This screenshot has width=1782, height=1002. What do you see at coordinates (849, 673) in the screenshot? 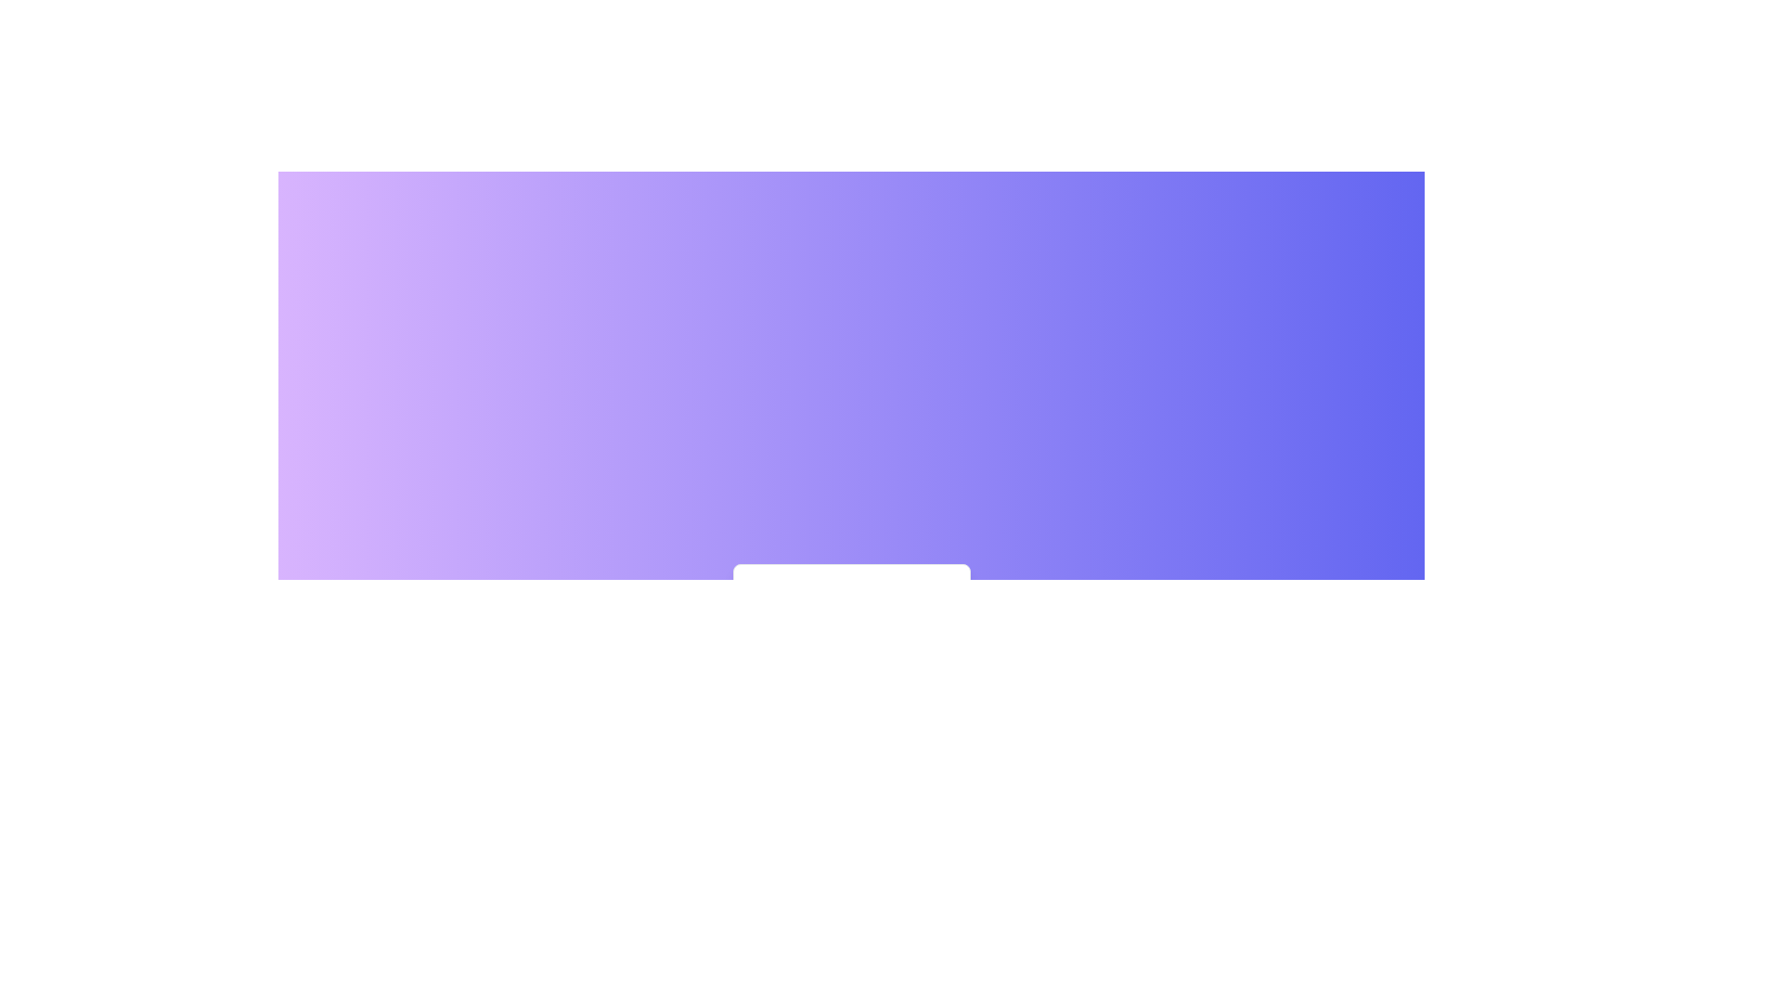
I see `the central area to toggle the context menu visibility` at bounding box center [849, 673].